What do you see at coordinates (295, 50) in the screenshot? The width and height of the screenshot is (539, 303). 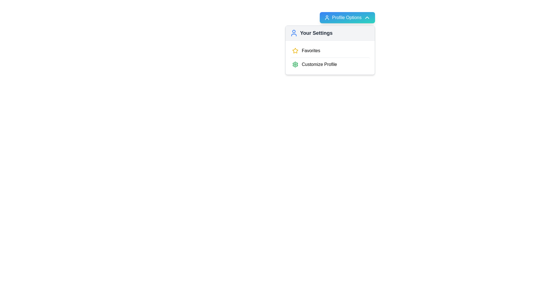 I see `the star-shaped icon with hollow styling and a yellow outline located in the 'Favorites' section of the drop-down menu from 'Profile Options'` at bounding box center [295, 50].